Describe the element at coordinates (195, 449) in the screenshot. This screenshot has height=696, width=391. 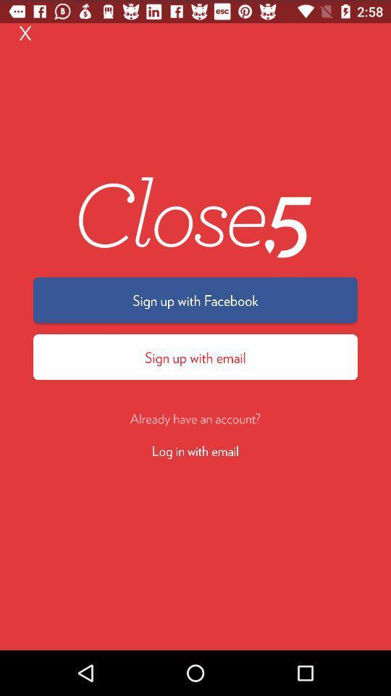
I see `log in with icon` at that location.